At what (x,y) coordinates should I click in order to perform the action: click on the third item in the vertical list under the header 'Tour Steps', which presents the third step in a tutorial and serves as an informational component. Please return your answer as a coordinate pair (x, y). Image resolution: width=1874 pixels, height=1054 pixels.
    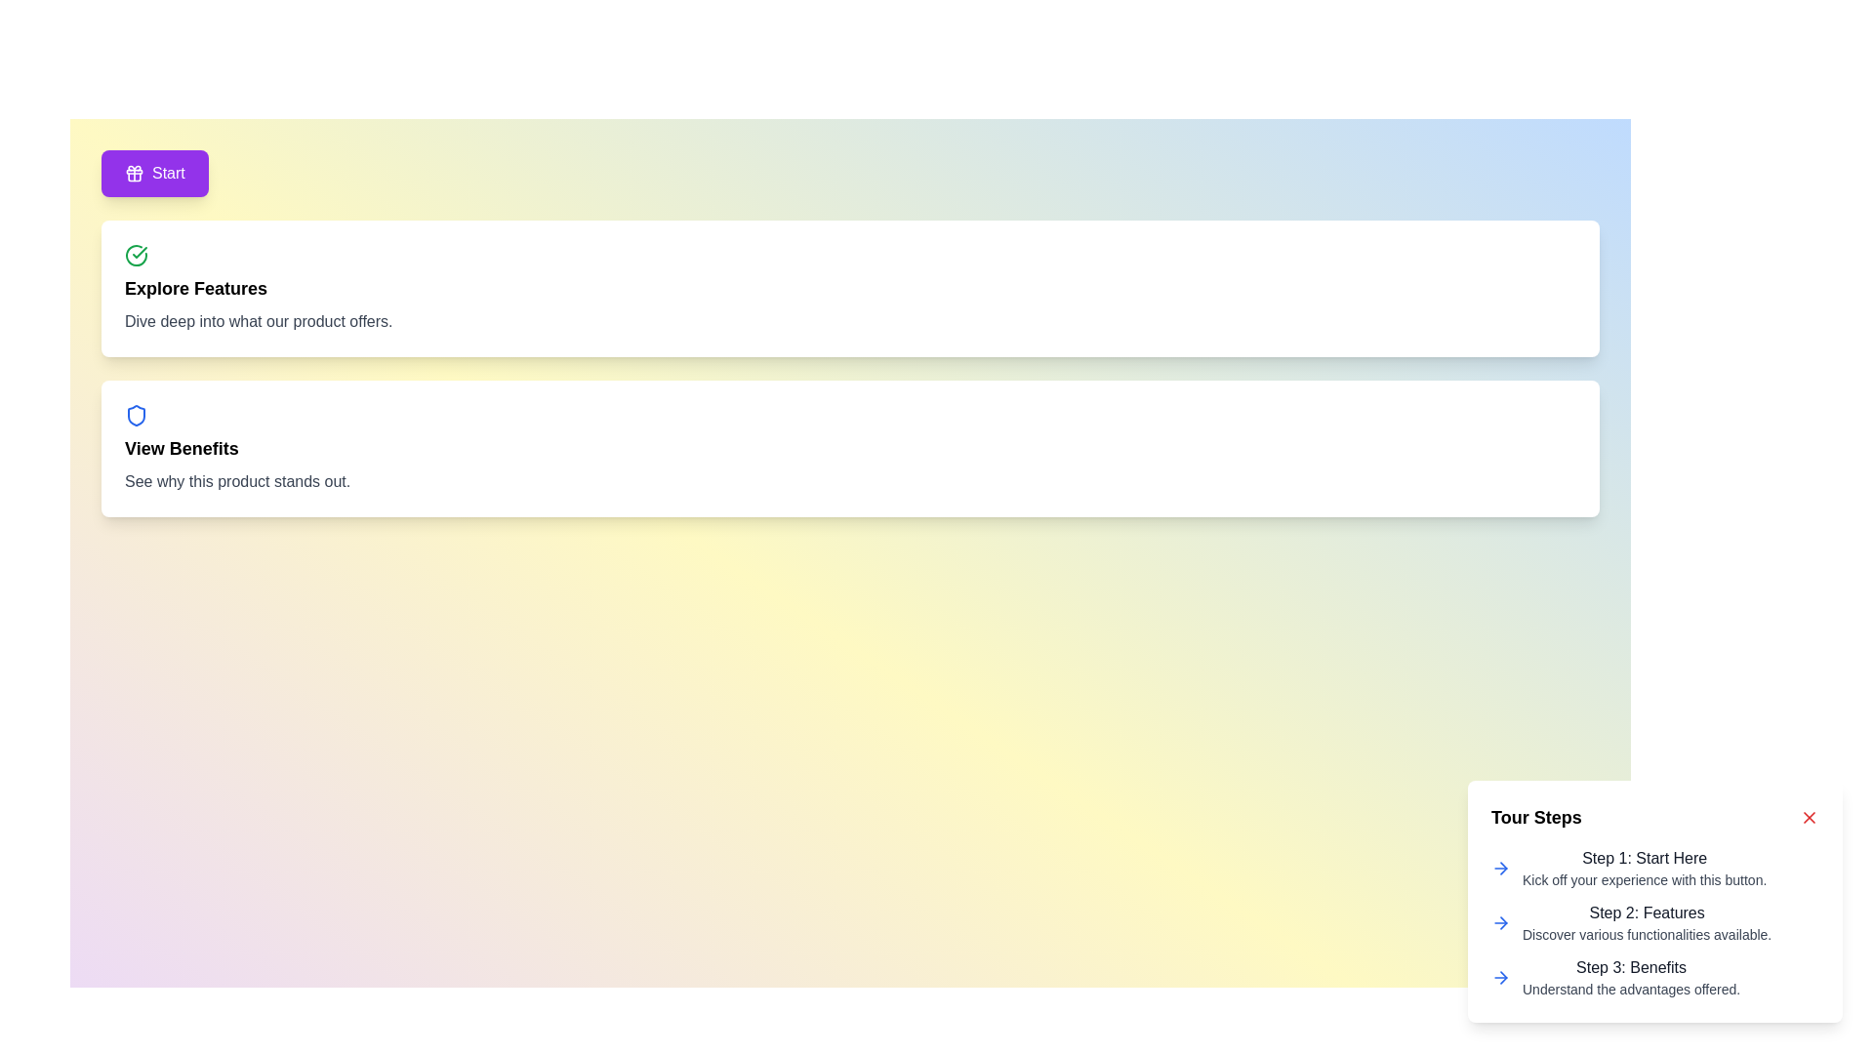
    Looking at the image, I should click on (1653, 978).